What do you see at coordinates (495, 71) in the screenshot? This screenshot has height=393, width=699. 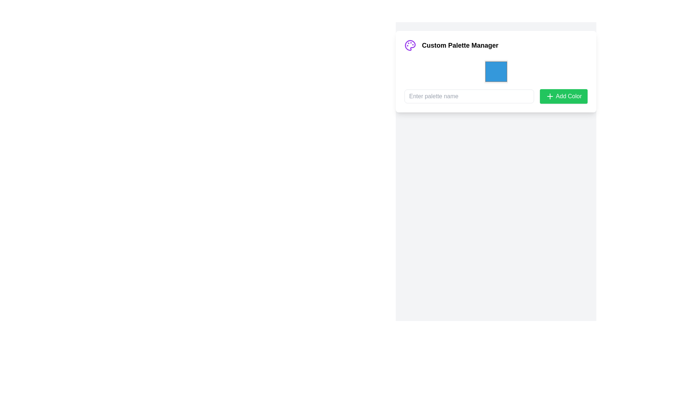 I see `the blue square color selector located in the 'Custom Palette Manager' card` at bounding box center [495, 71].